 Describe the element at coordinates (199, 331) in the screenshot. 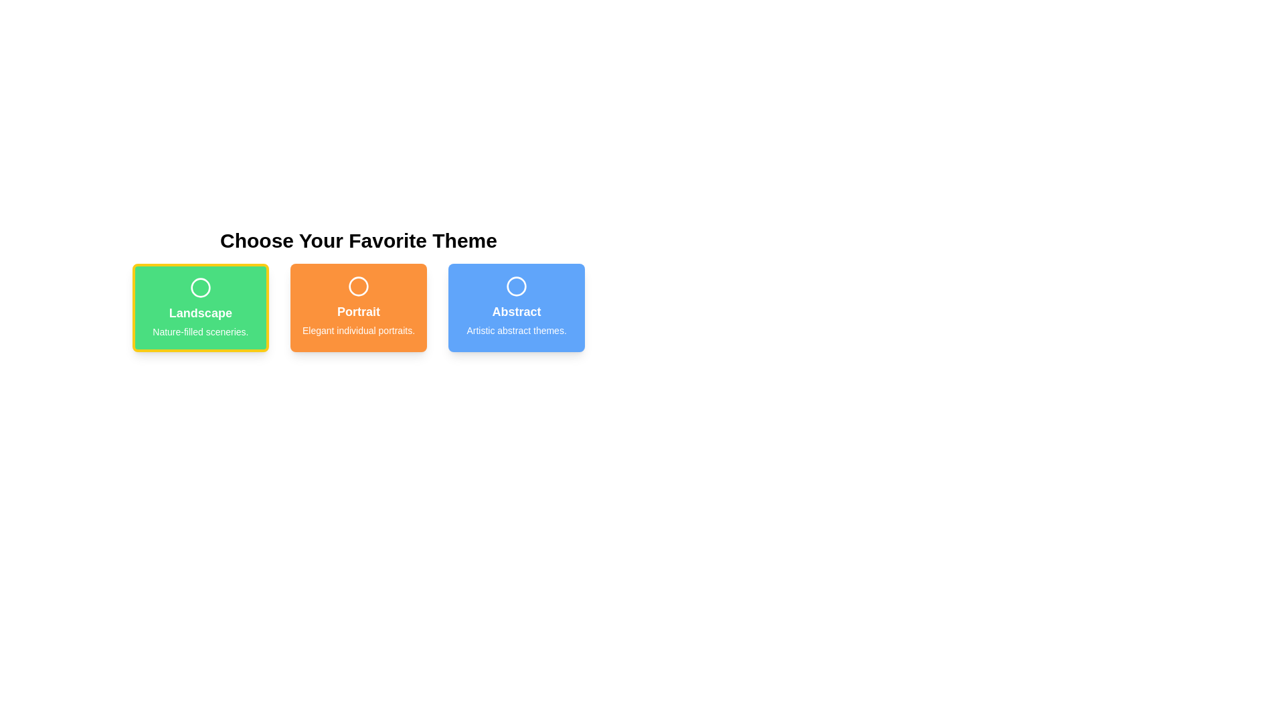

I see `text label displaying 'Nature-filled sceneries.' which is styled with white text on a green background, located below the 'Landscape' label in the bottom section of the green card` at that location.